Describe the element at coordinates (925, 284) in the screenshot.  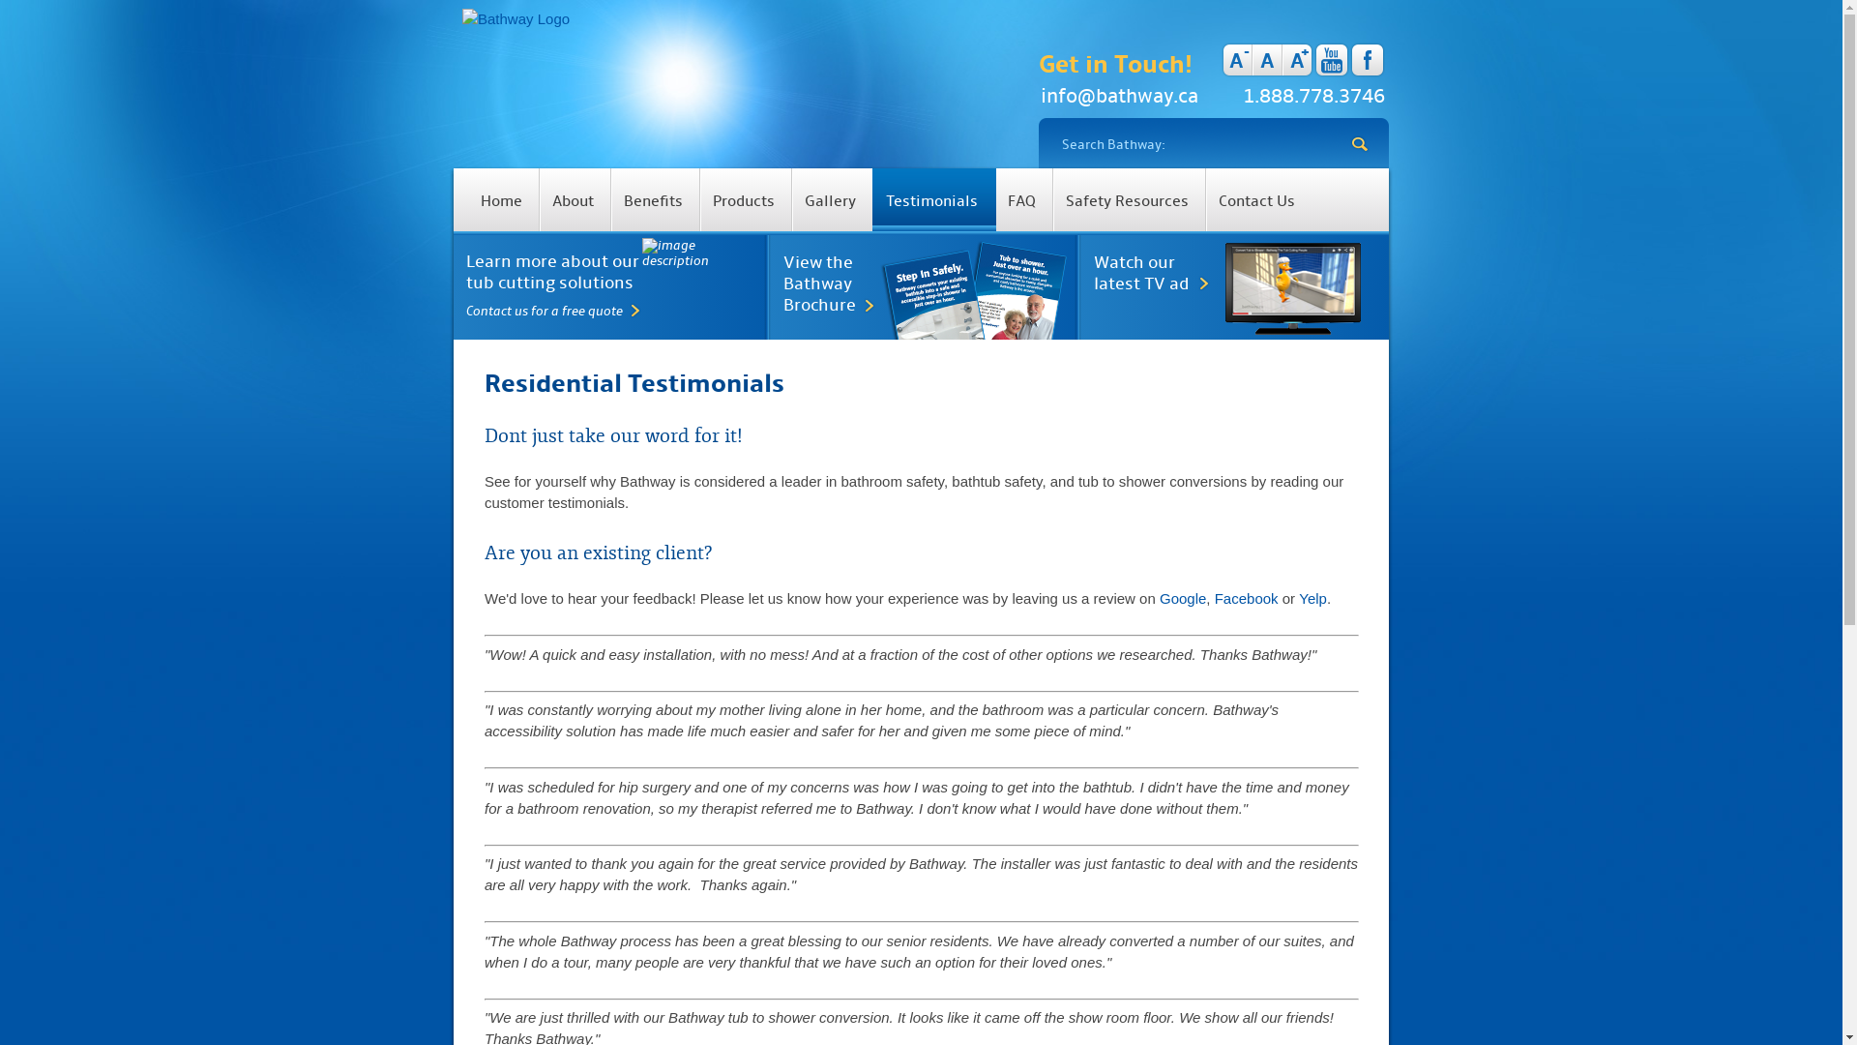
I see `'View the Bathway Brochure'` at that location.